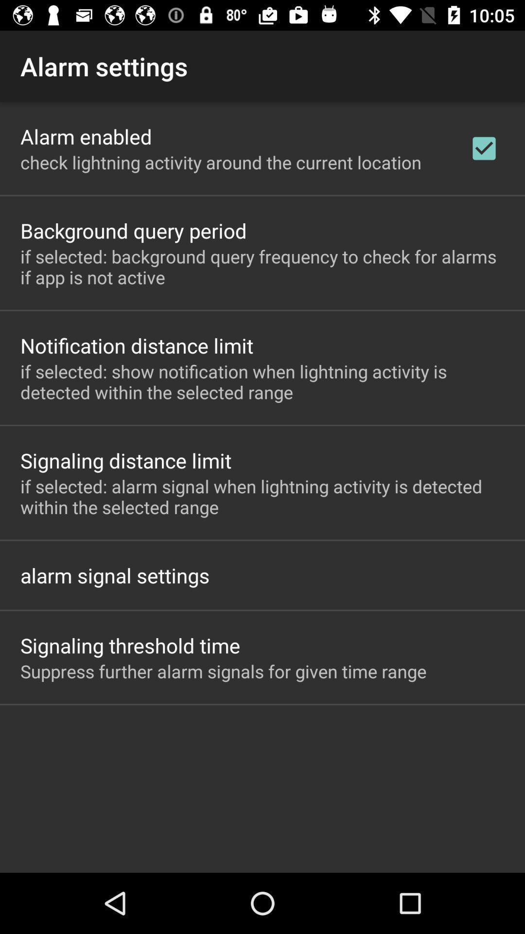  What do you see at coordinates (484, 148) in the screenshot?
I see `icon above if selected background` at bounding box center [484, 148].